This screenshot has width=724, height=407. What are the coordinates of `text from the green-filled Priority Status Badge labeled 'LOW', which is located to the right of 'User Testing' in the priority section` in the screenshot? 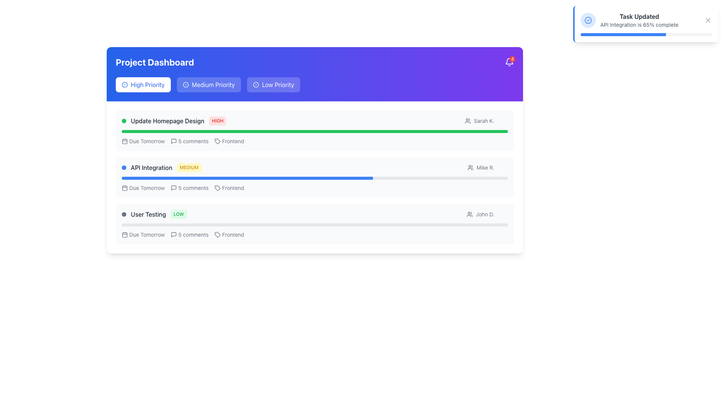 It's located at (178, 214).